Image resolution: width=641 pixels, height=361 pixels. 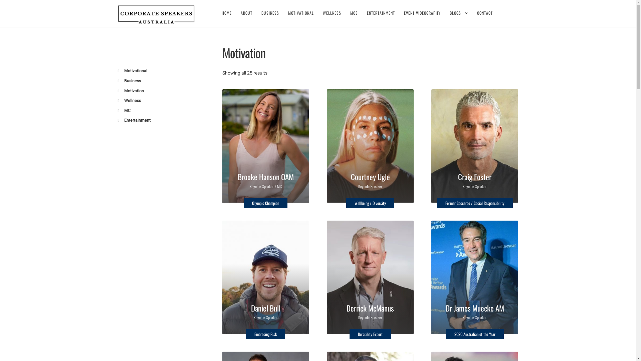 What do you see at coordinates (246, 13) in the screenshot?
I see `'ABOUT'` at bounding box center [246, 13].